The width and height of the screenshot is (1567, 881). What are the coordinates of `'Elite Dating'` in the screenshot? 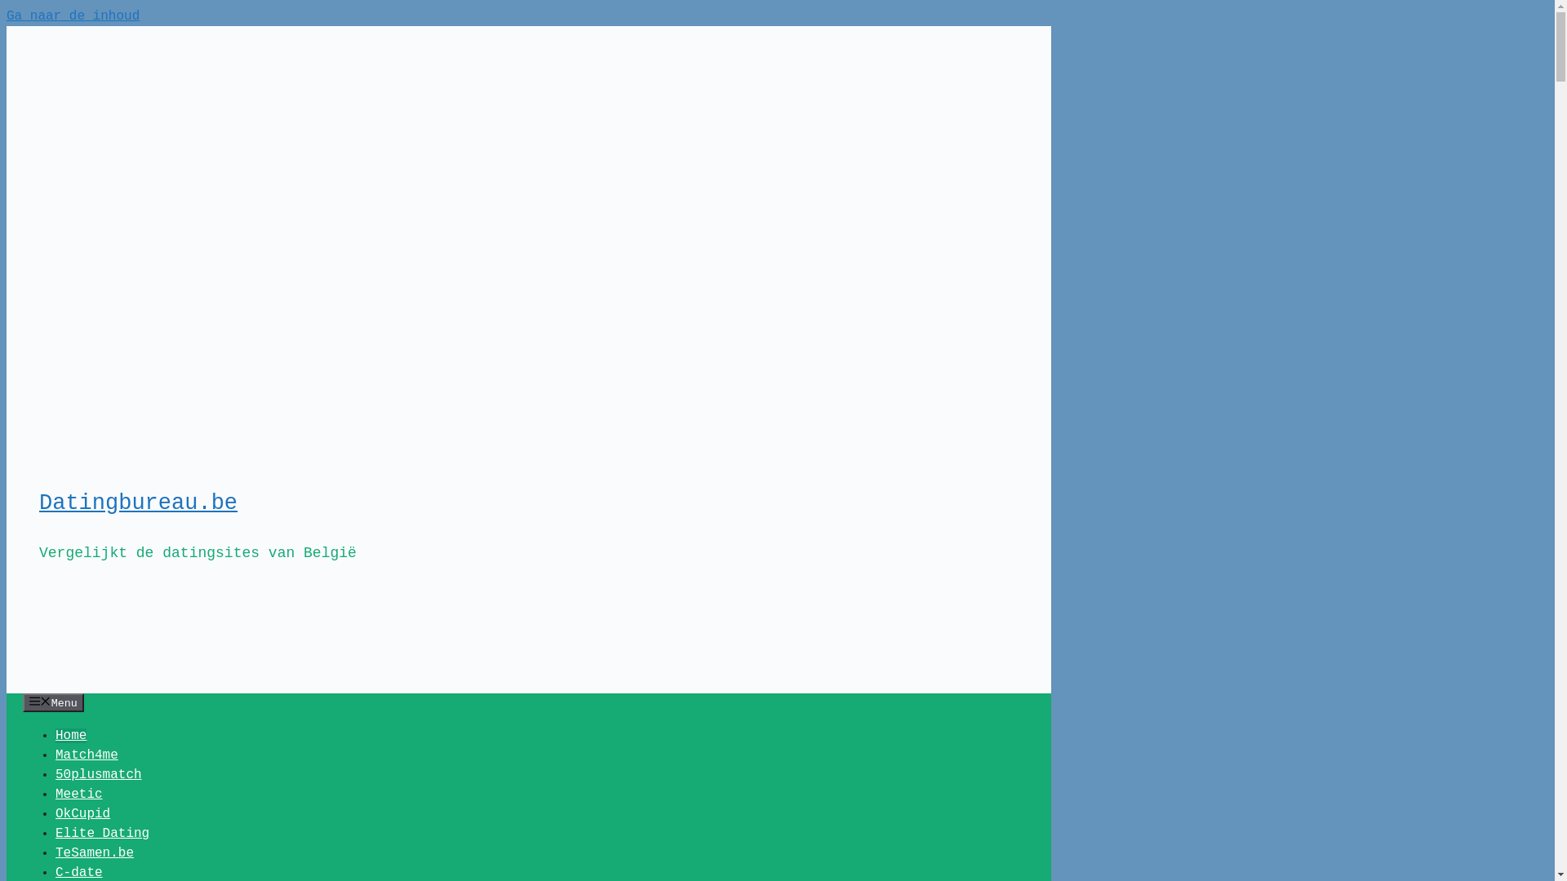 It's located at (101, 834).